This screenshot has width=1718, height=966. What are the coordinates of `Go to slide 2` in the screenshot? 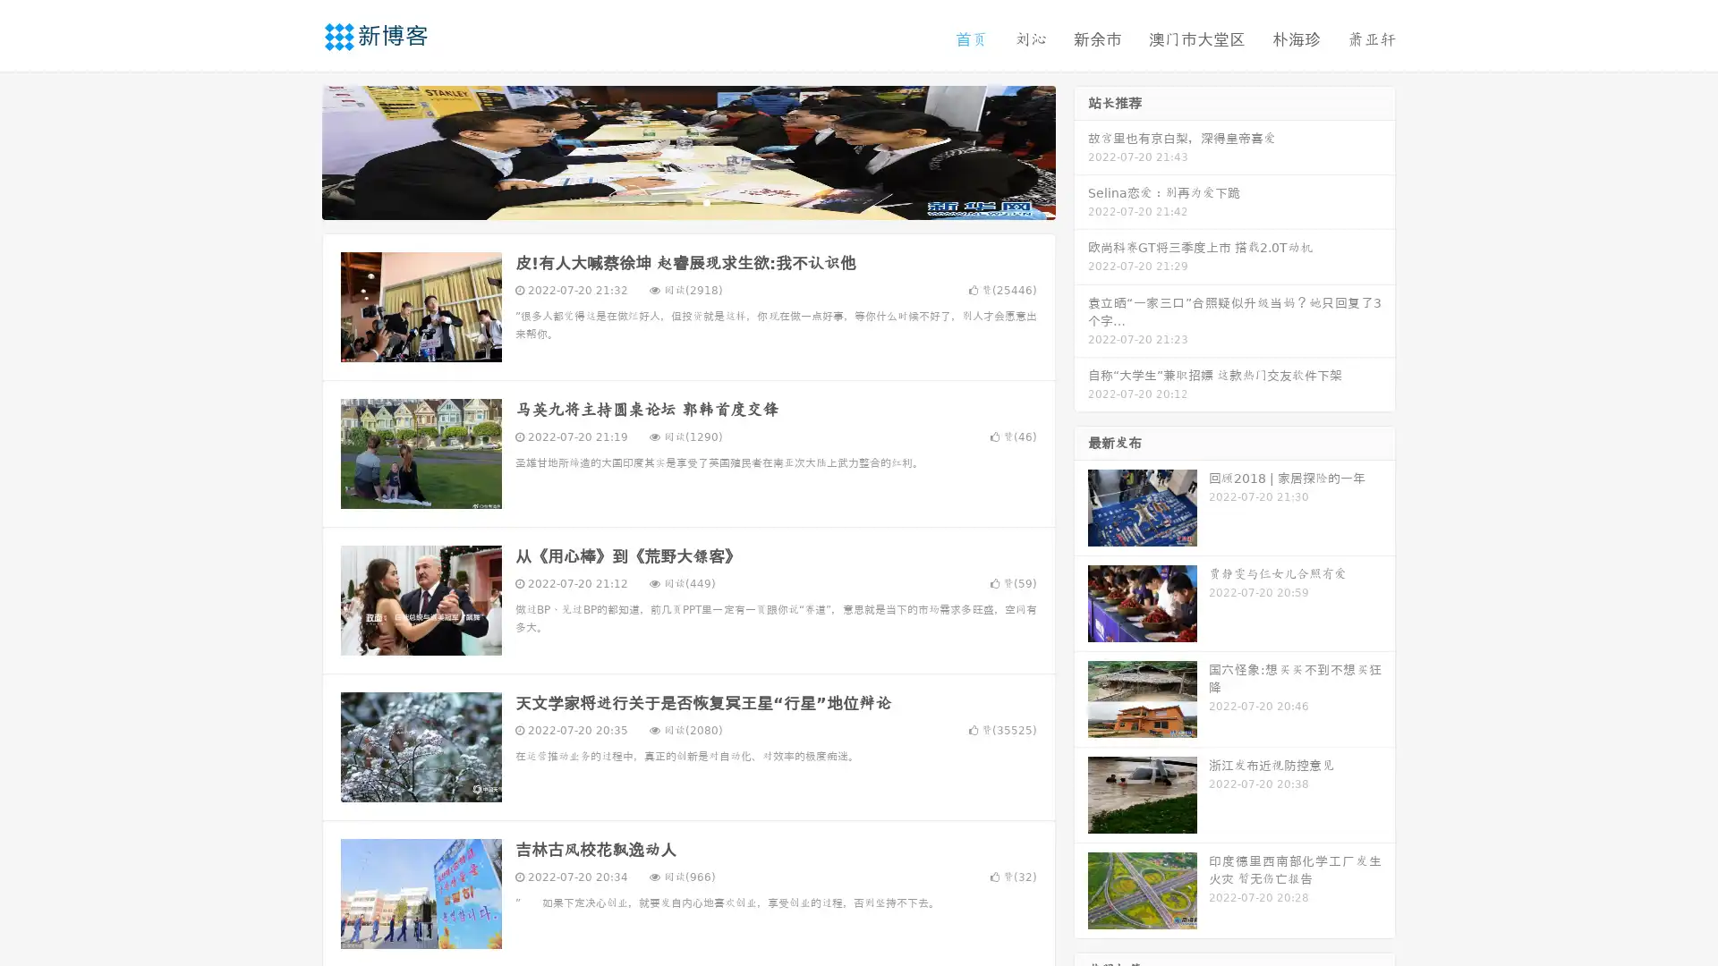 It's located at (687, 201).